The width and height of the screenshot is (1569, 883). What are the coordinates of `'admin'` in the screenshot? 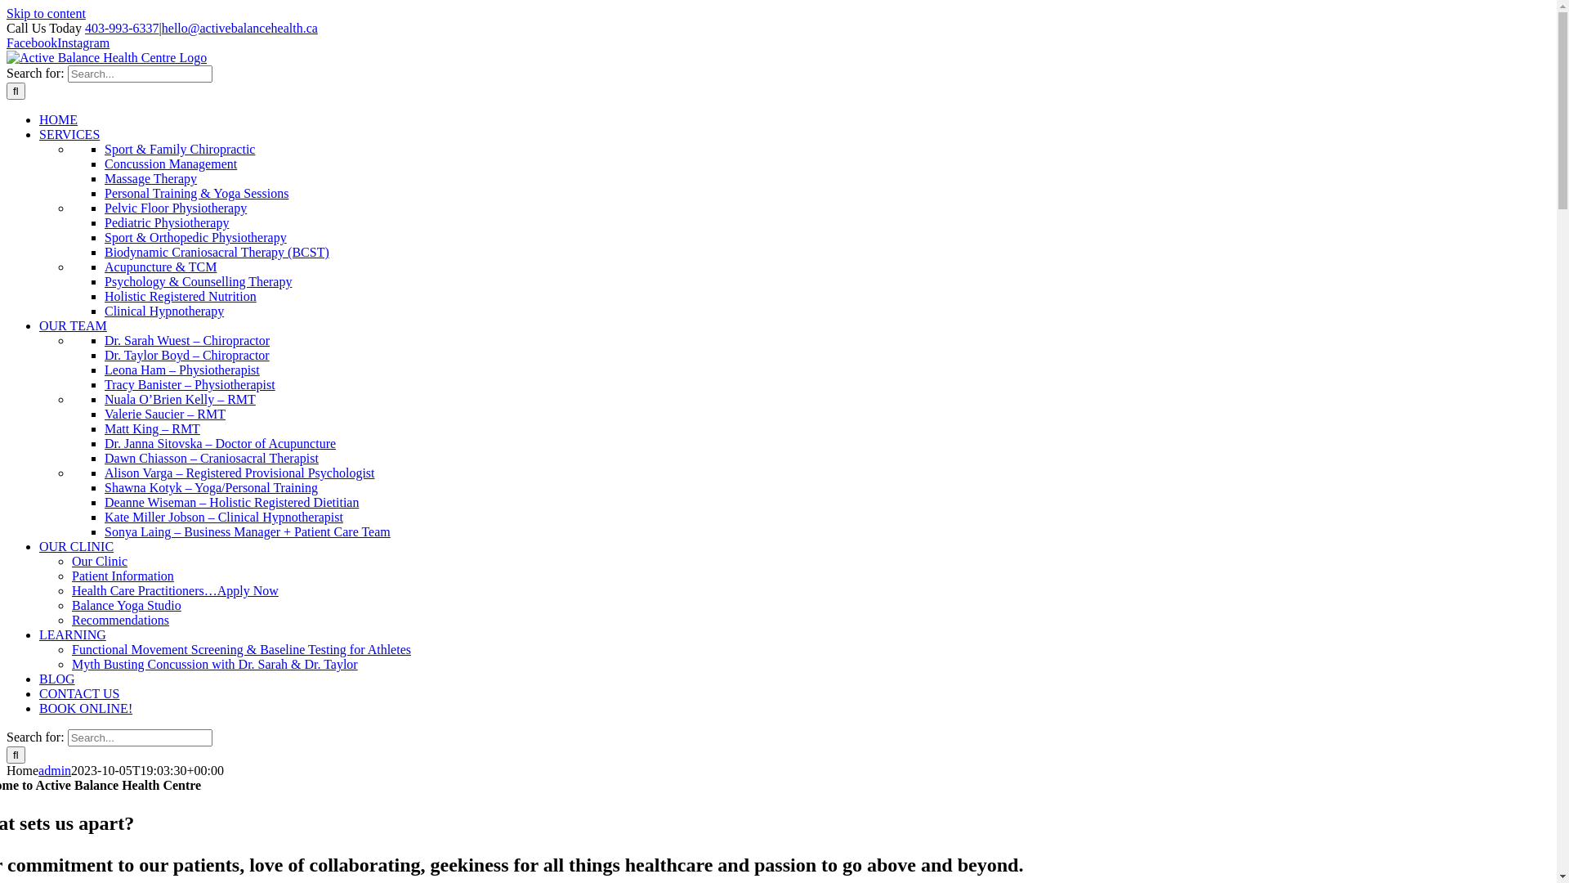 It's located at (38, 770).